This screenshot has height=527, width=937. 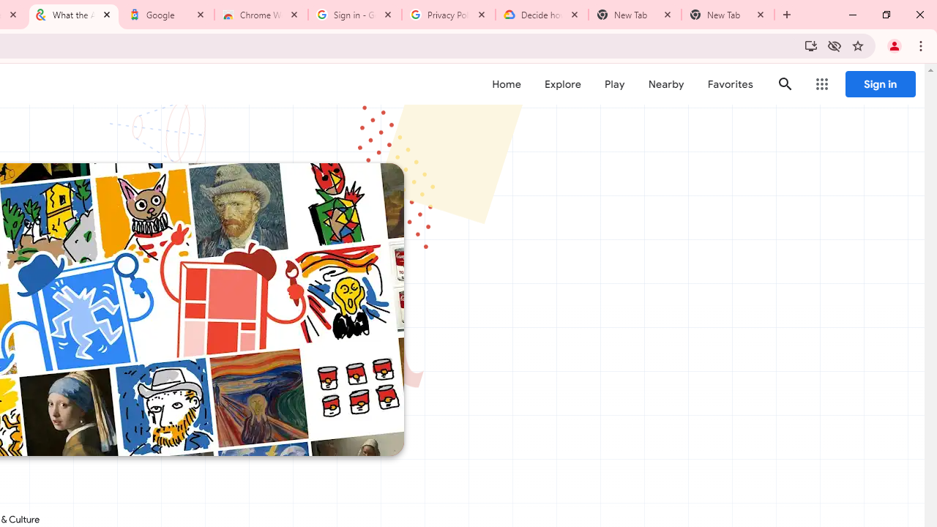 What do you see at coordinates (728, 15) in the screenshot?
I see `'New Tab'` at bounding box center [728, 15].